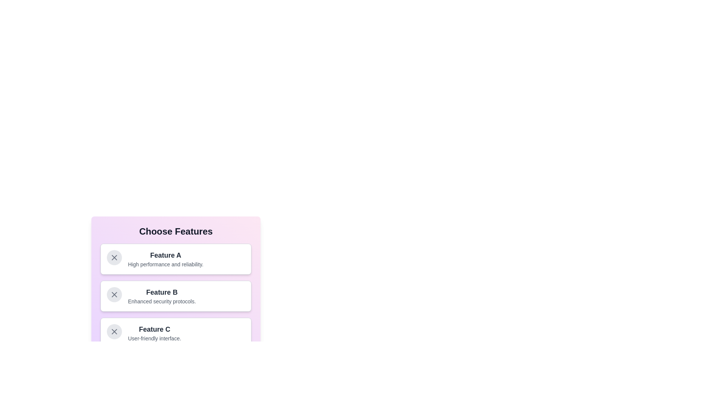 The height and width of the screenshot is (408, 725). What do you see at coordinates (161, 292) in the screenshot?
I see `the text label that reads 'Feature B', which is prominently displayed in bold font style, located in the second row of a stacked card arrangement under the title 'Choose Features'` at bounding box center [161, 292].